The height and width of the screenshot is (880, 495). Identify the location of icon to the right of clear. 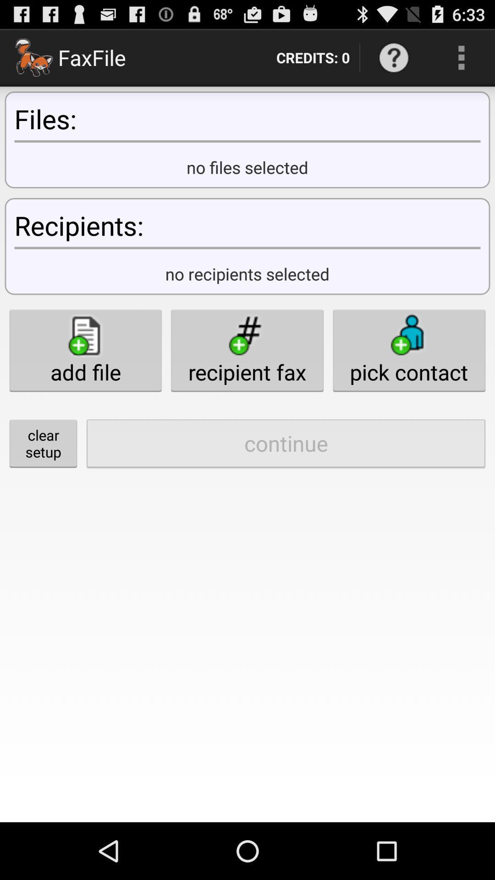
(286, 443).